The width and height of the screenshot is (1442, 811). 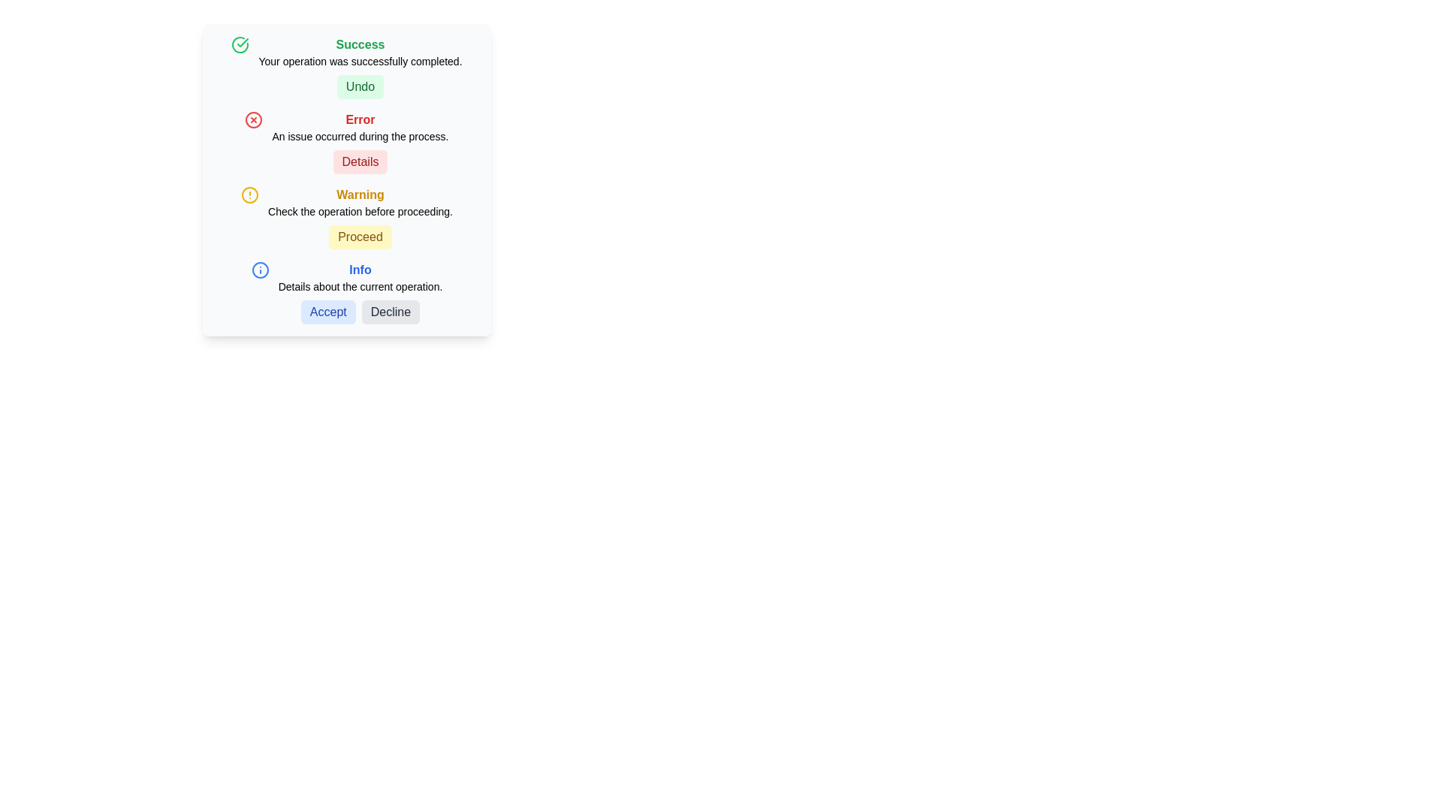 I want to click on the static text element that provides additional context associated with the 'Warning' label, located directly under the 'Warning' label and before the 'Proceed' text elements, so click(x=360, y=211).